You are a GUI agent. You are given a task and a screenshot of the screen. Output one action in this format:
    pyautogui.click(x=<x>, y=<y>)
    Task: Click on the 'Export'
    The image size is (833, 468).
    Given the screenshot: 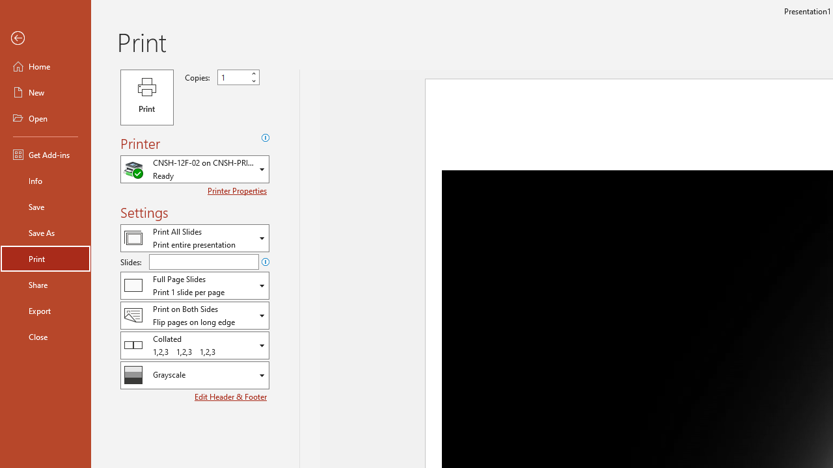 What is the action you would take?
    pyautogui.click(x=45, y=311)
    